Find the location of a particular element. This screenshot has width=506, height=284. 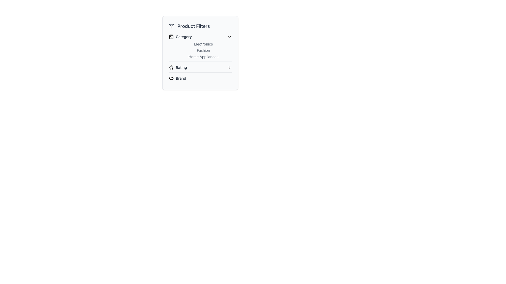

an item in the Menu List under the 'Category' header in the 'Product Filters' section is located at coordinates (200, 50).